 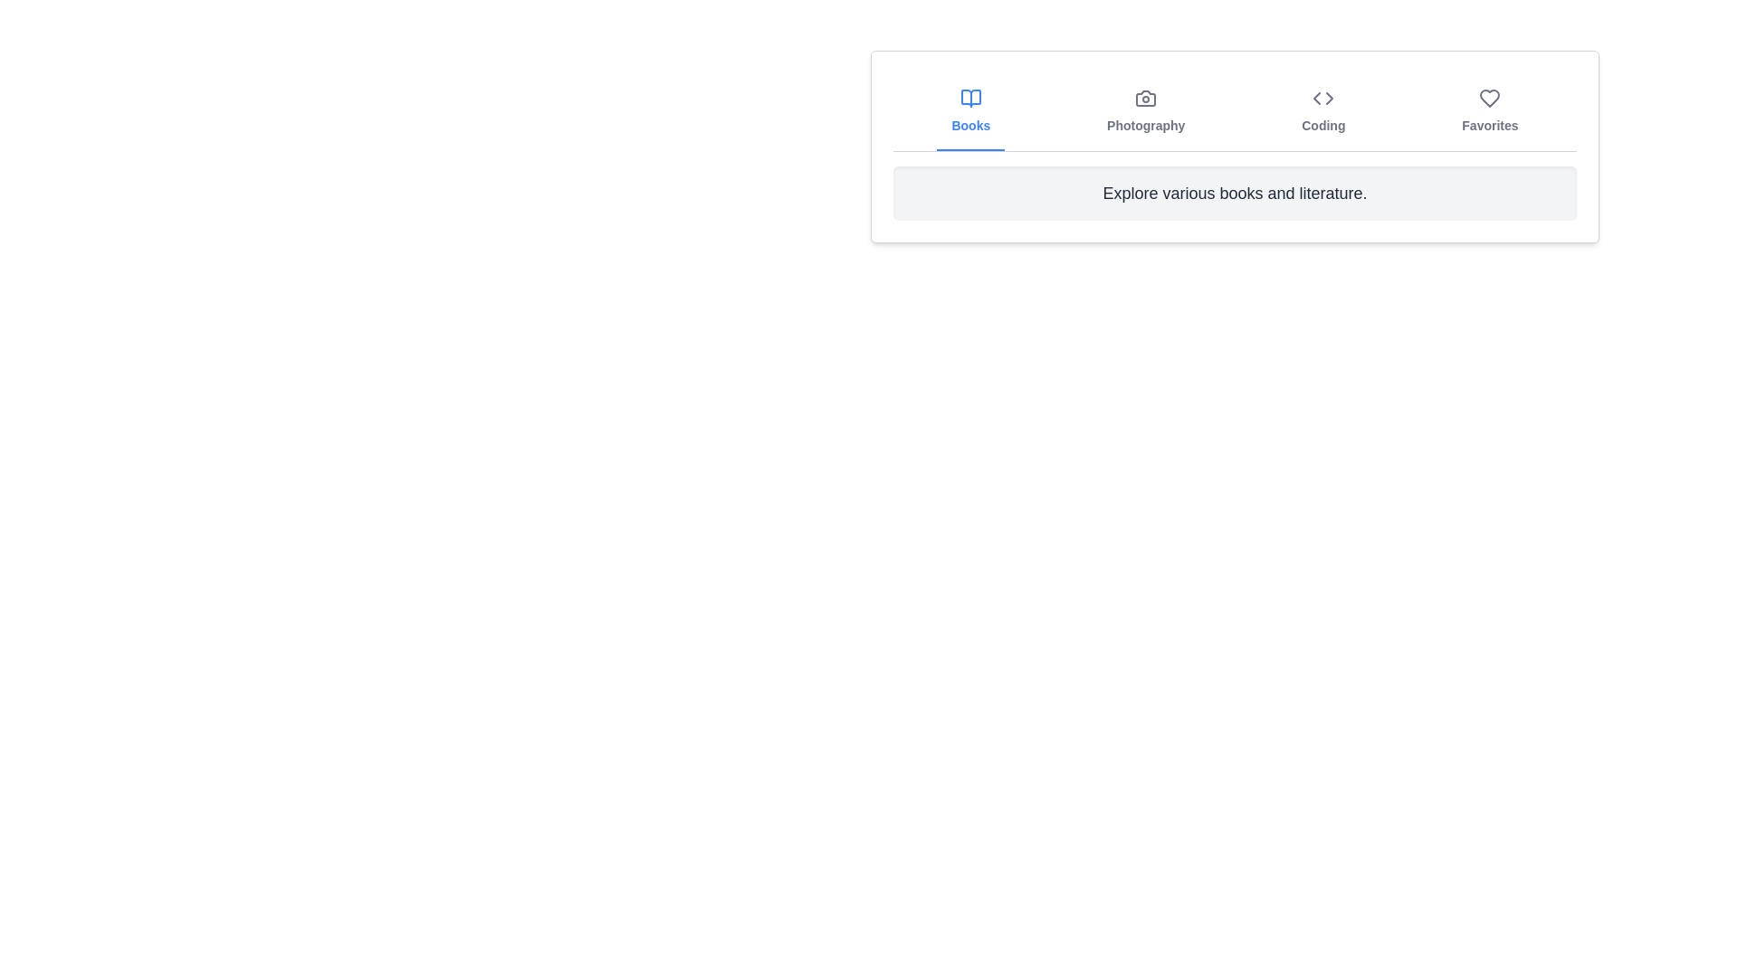 I want to click on the first menu item labeled 'Books' in the horizontal navigation menu, so click(x=969, y=111).